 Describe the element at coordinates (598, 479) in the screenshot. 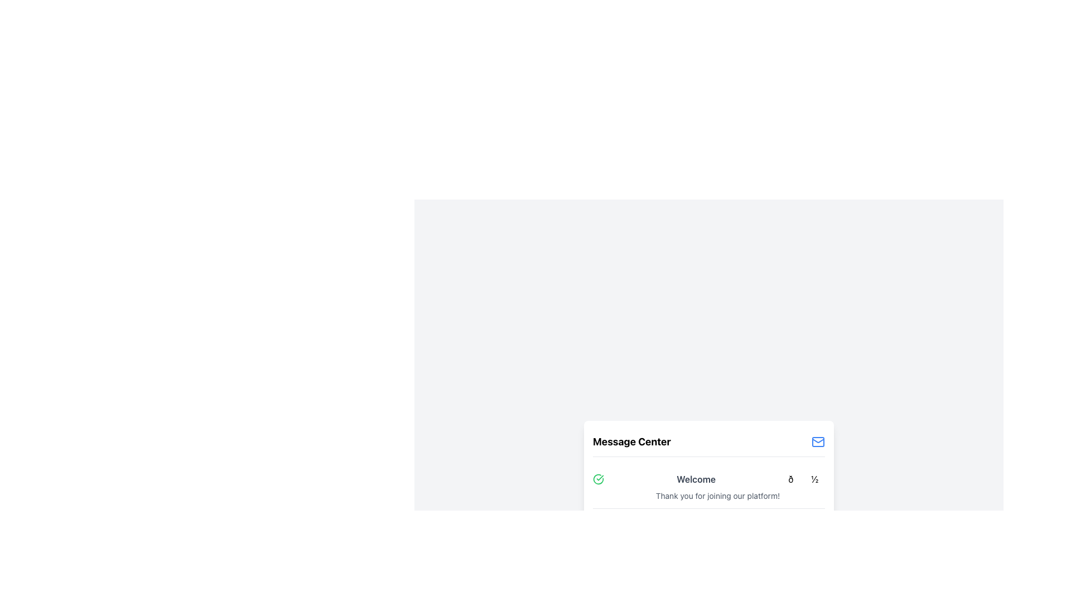

I see `the circular check icon represented by a green stroke in the SVG graphic within the Message Center section` at that location.